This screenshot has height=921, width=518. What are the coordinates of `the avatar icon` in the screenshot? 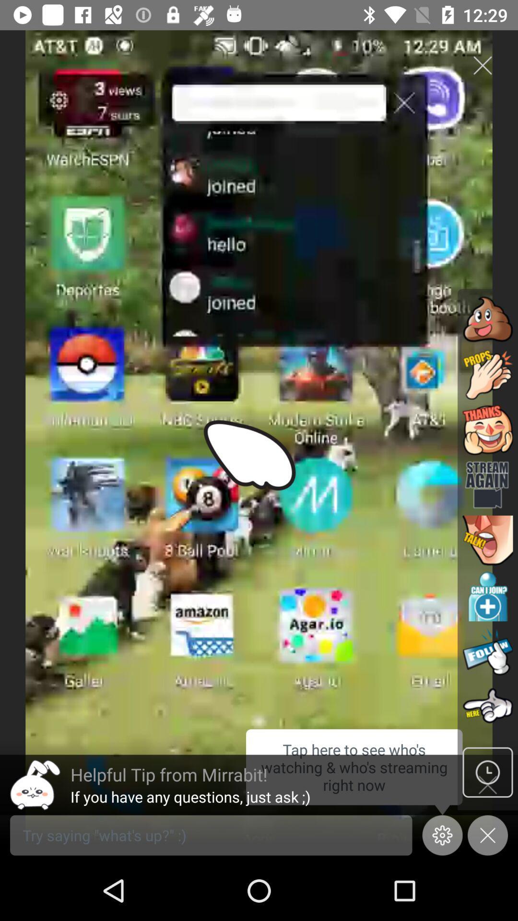 It's located at (488, 541).